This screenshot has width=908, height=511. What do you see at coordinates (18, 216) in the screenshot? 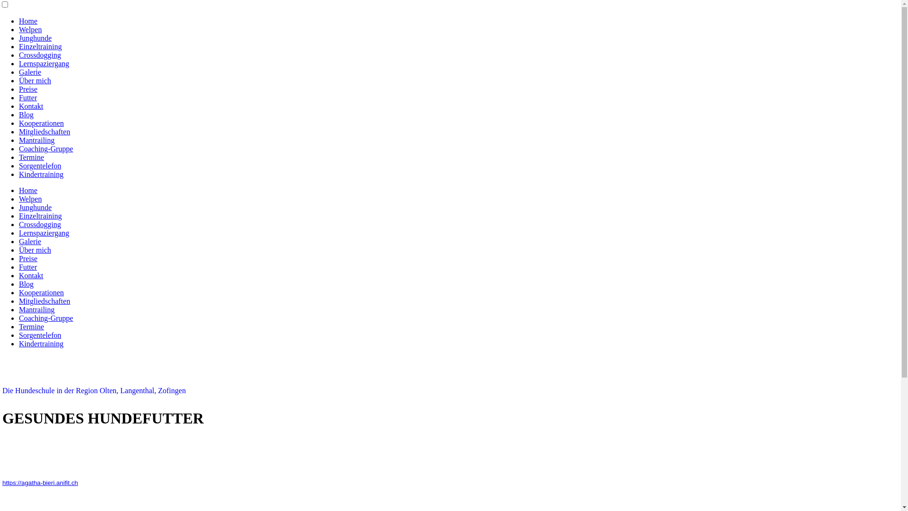
I see `'Einzeltraining'` at bounding box center [18, 216].